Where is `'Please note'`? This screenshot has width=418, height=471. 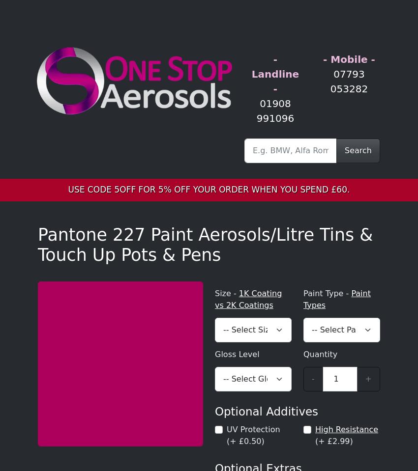 'Please note' is located at coordinates (38, 148).